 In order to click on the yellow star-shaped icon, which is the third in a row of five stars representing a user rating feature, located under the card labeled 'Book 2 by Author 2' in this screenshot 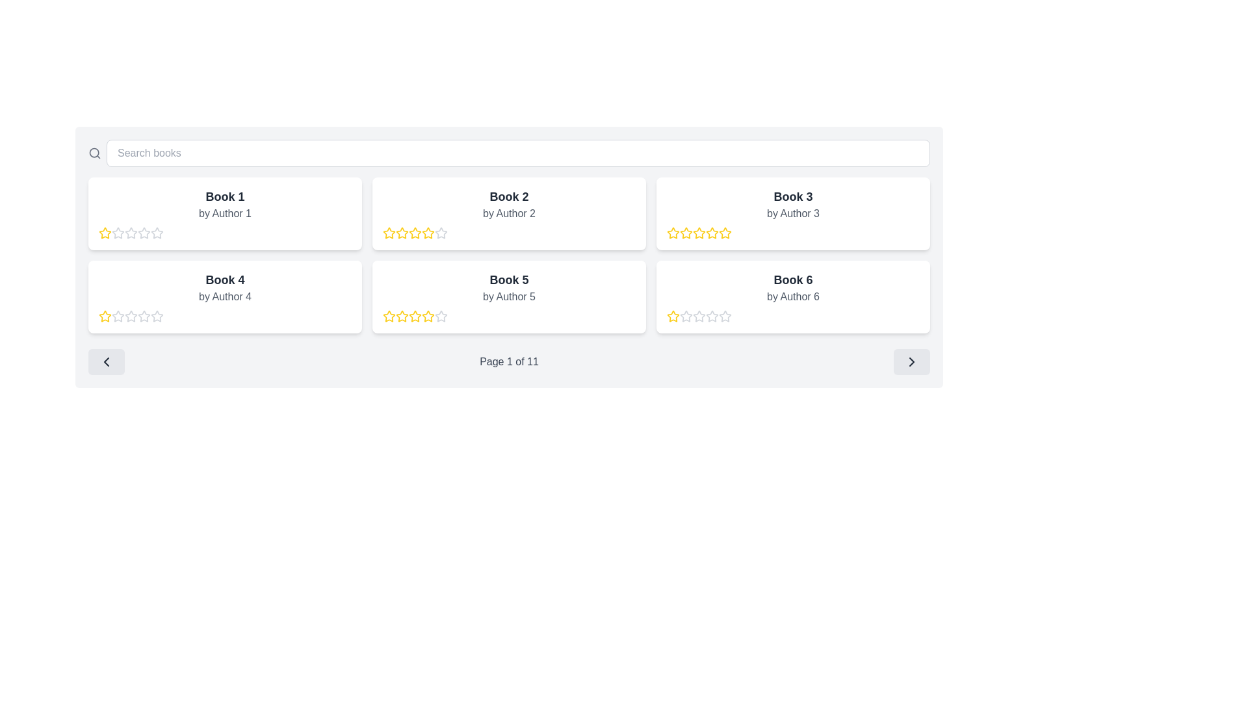, I will do `click(402, 232)`.